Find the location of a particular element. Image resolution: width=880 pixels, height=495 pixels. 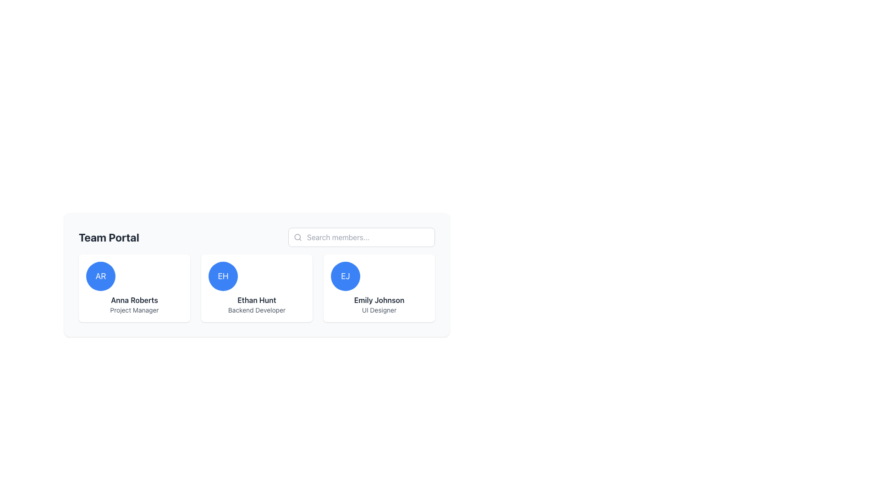

contents of the bold text label displaying 'Emily Johnson', which is located below the circular avatar labeled 'EJ' and above the smaller text 'UI Designer' is located at coordinates (379, 300).